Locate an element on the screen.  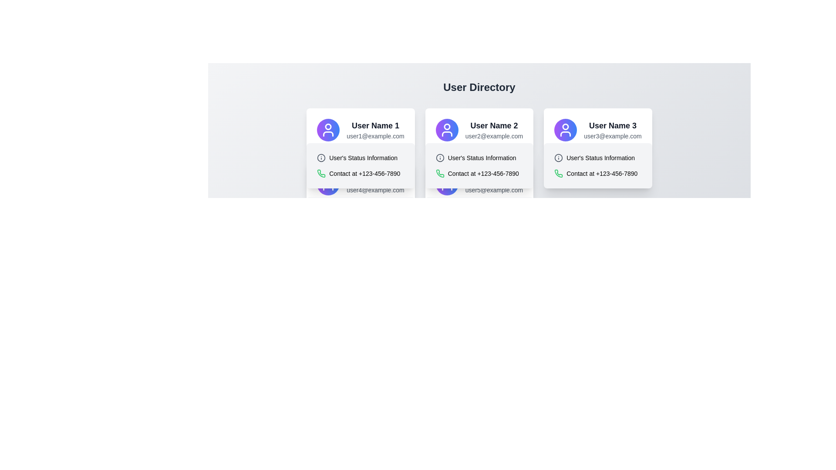
the text within the email address label located inside the second user card, centered below the header 'User Name 2' is located at coordinates (494, 136).